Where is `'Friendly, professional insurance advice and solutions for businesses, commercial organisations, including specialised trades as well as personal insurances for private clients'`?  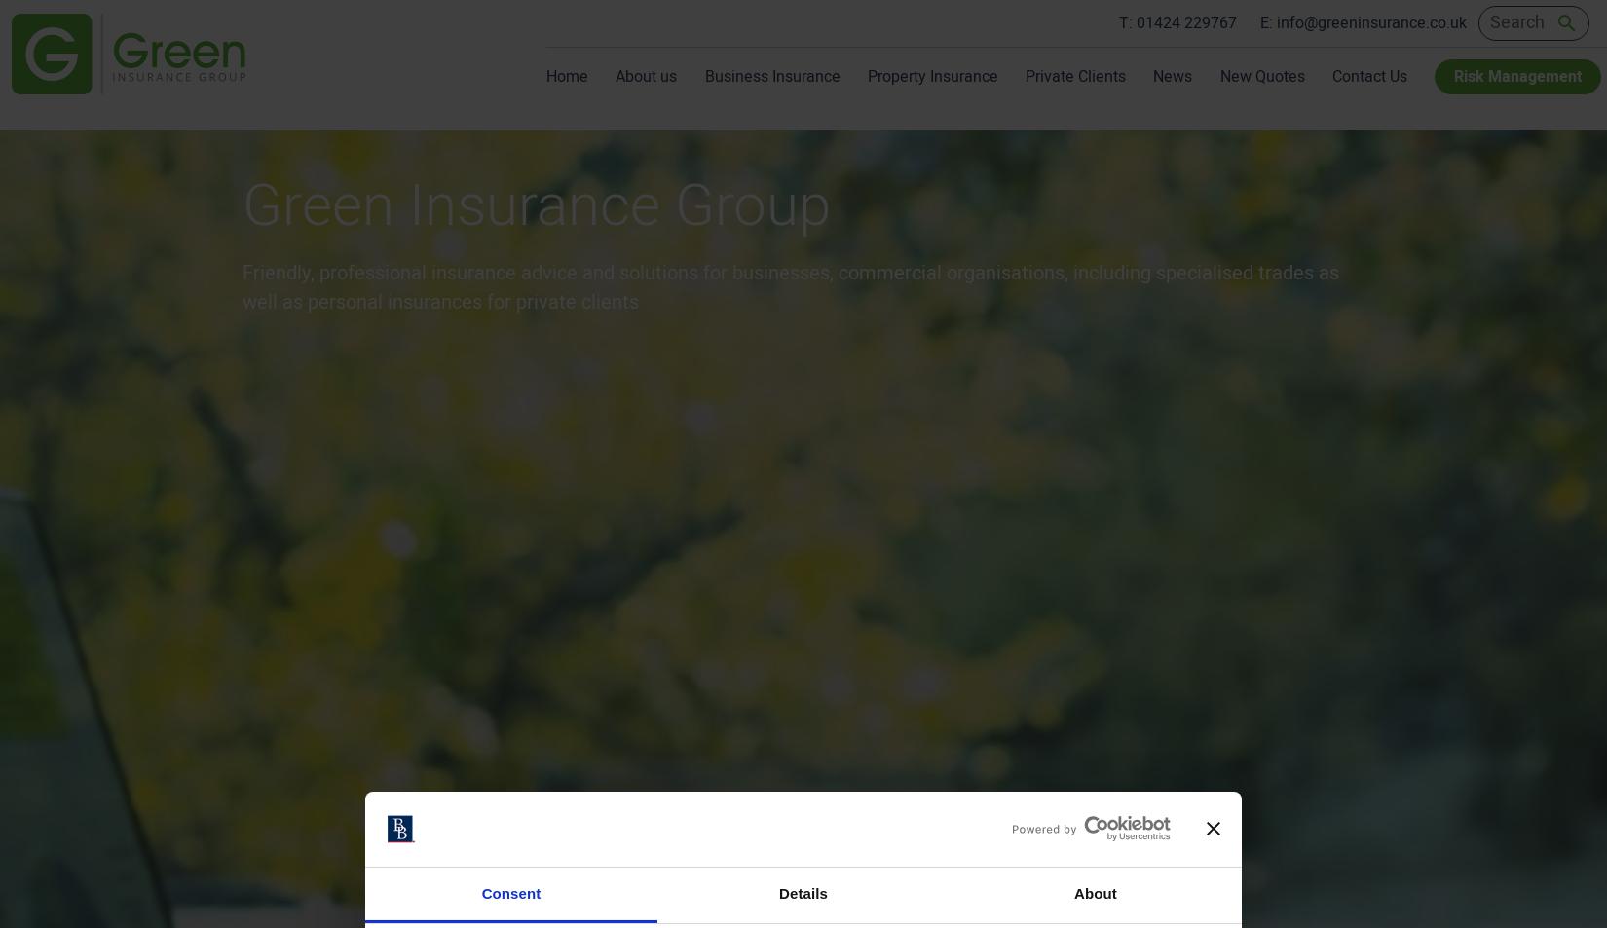
'Friendly, professional insurance advice and solutions for businesses, commercial organisations, including specialised trades as well as personal insurances for private clients' is located at coordinates (789, 286).